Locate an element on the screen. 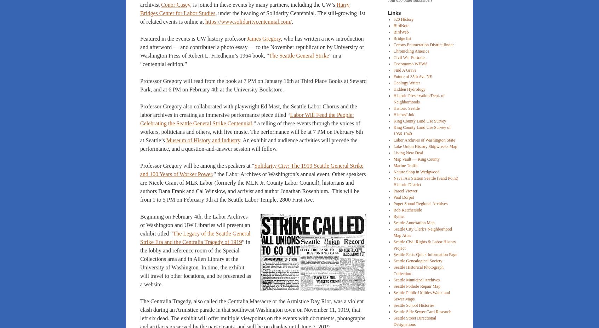 The height and width of the screenshot is (328, 599). 'James Gregory' is located at coordinates (263, 38).